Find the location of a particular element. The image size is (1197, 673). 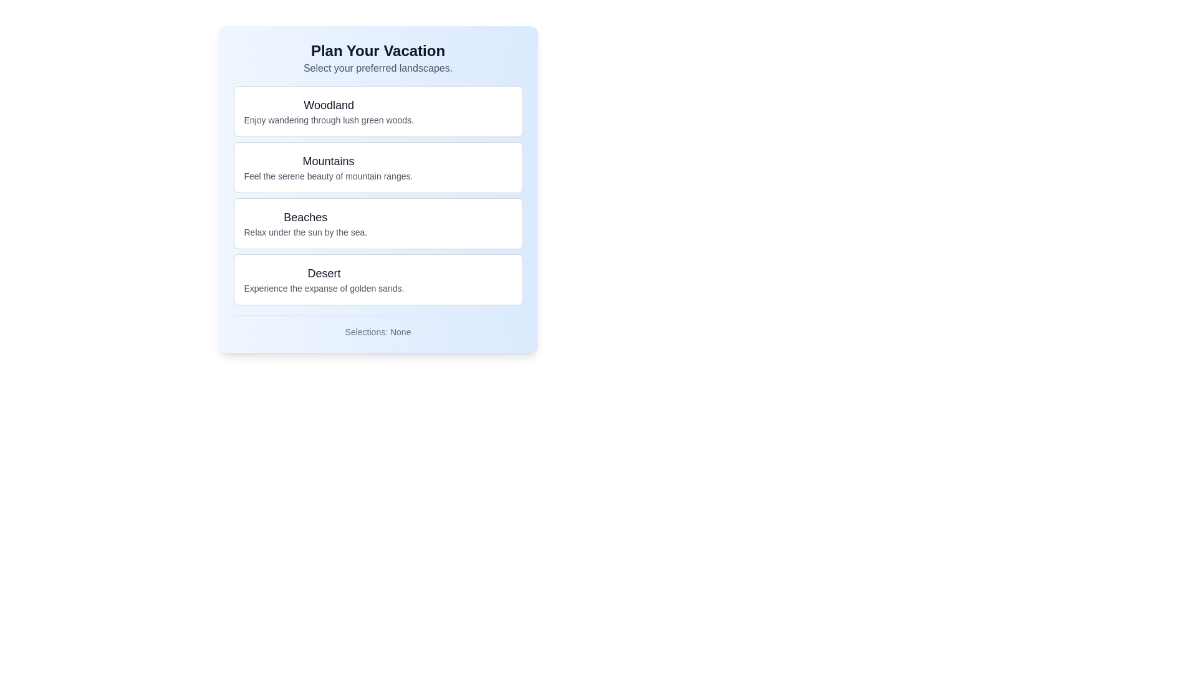

the descriptive text label that provides additional information about the 'Beaches' option, located directly underneath the 'Beaches' text in the third section of the vertically stacked list of selectable options is located at coordinates (305, 232).